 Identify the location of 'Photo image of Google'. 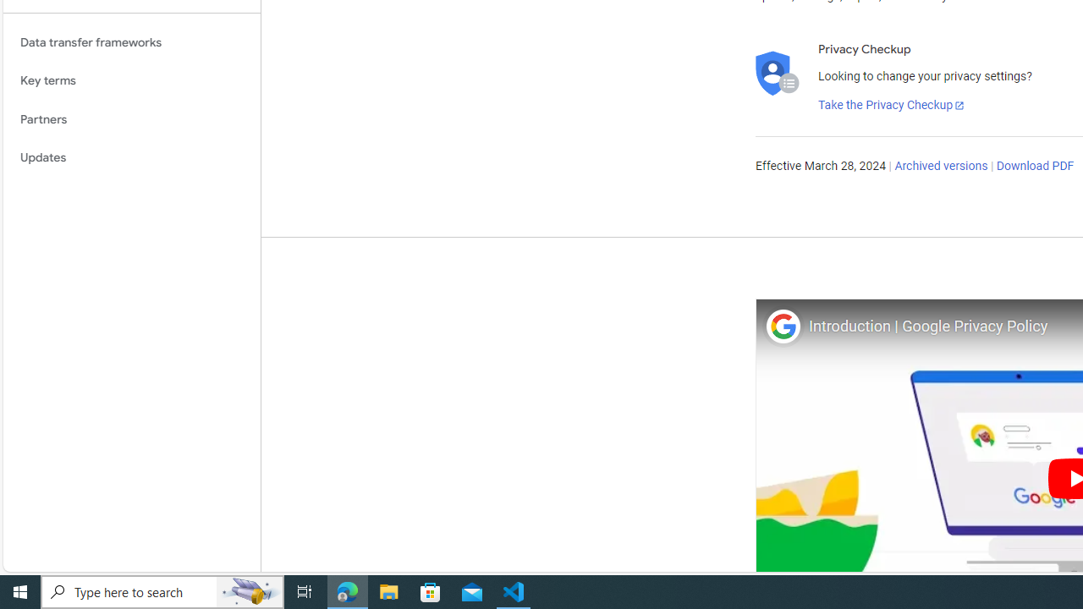
(783, 326).